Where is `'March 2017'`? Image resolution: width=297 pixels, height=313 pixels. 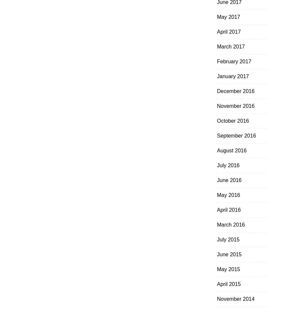 'March 2017' is located at coordinates (230, 47).